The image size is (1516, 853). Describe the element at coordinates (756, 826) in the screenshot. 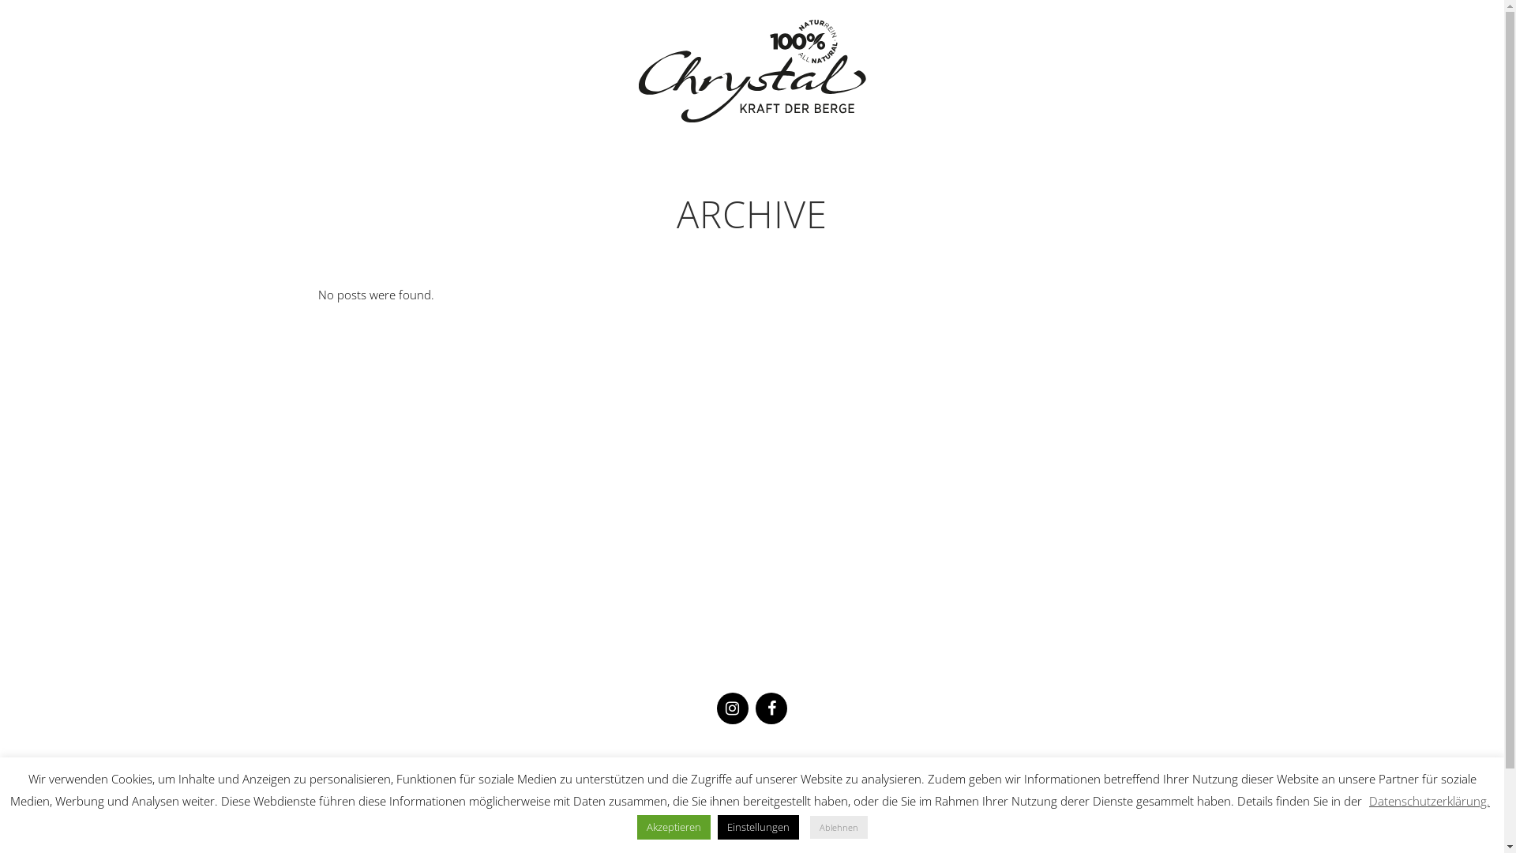

I see `'Einstellungen'` at that location.